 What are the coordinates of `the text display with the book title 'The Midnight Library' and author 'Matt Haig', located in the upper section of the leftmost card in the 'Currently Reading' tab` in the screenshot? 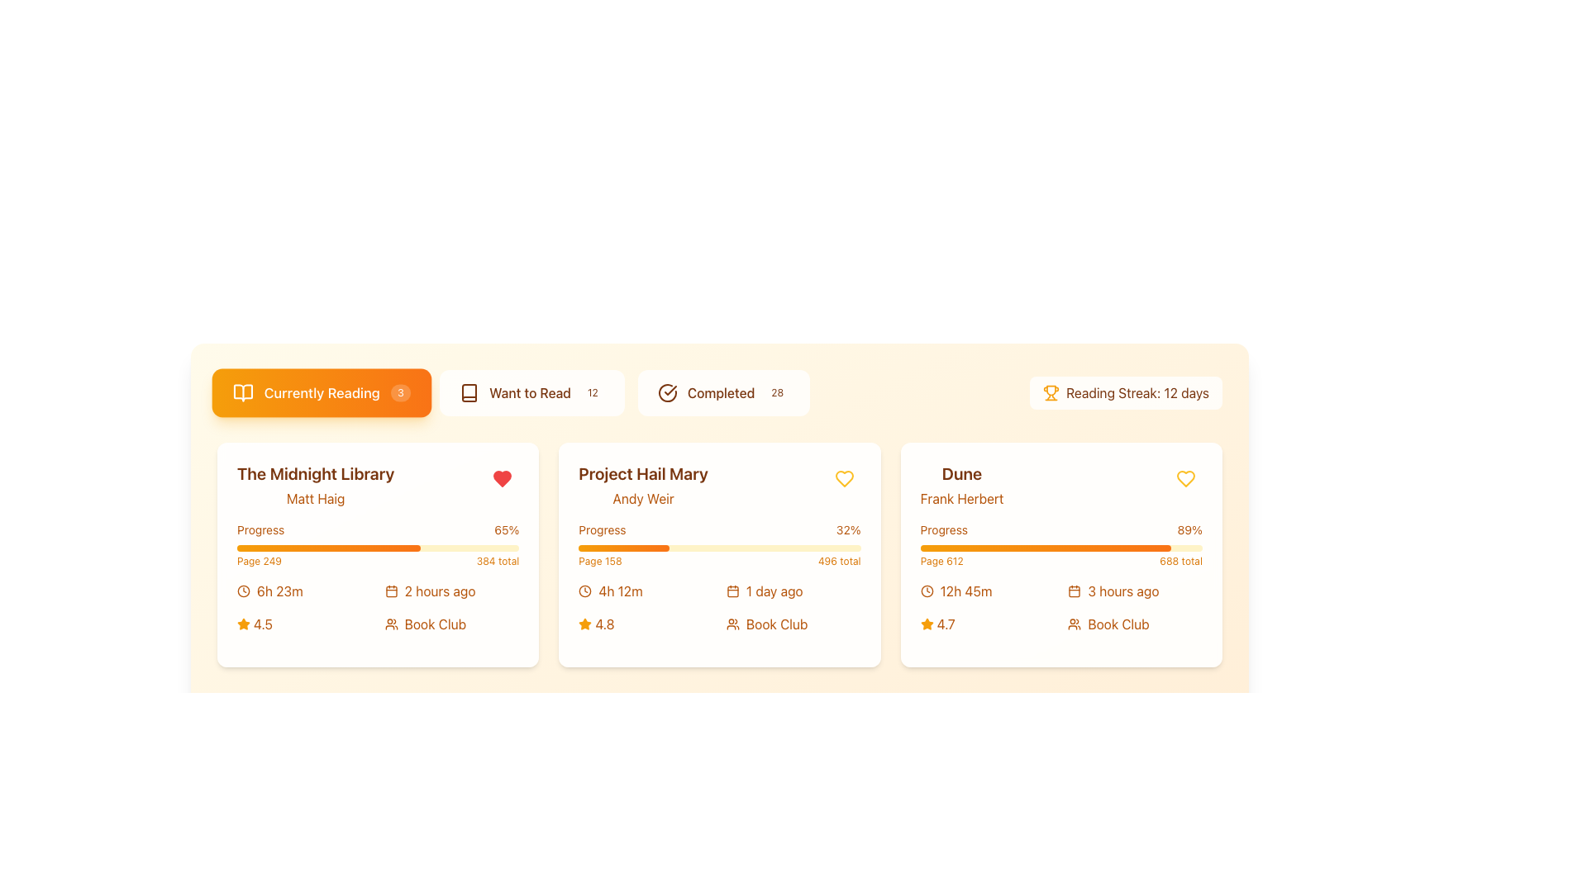 It's located at (377, 484).